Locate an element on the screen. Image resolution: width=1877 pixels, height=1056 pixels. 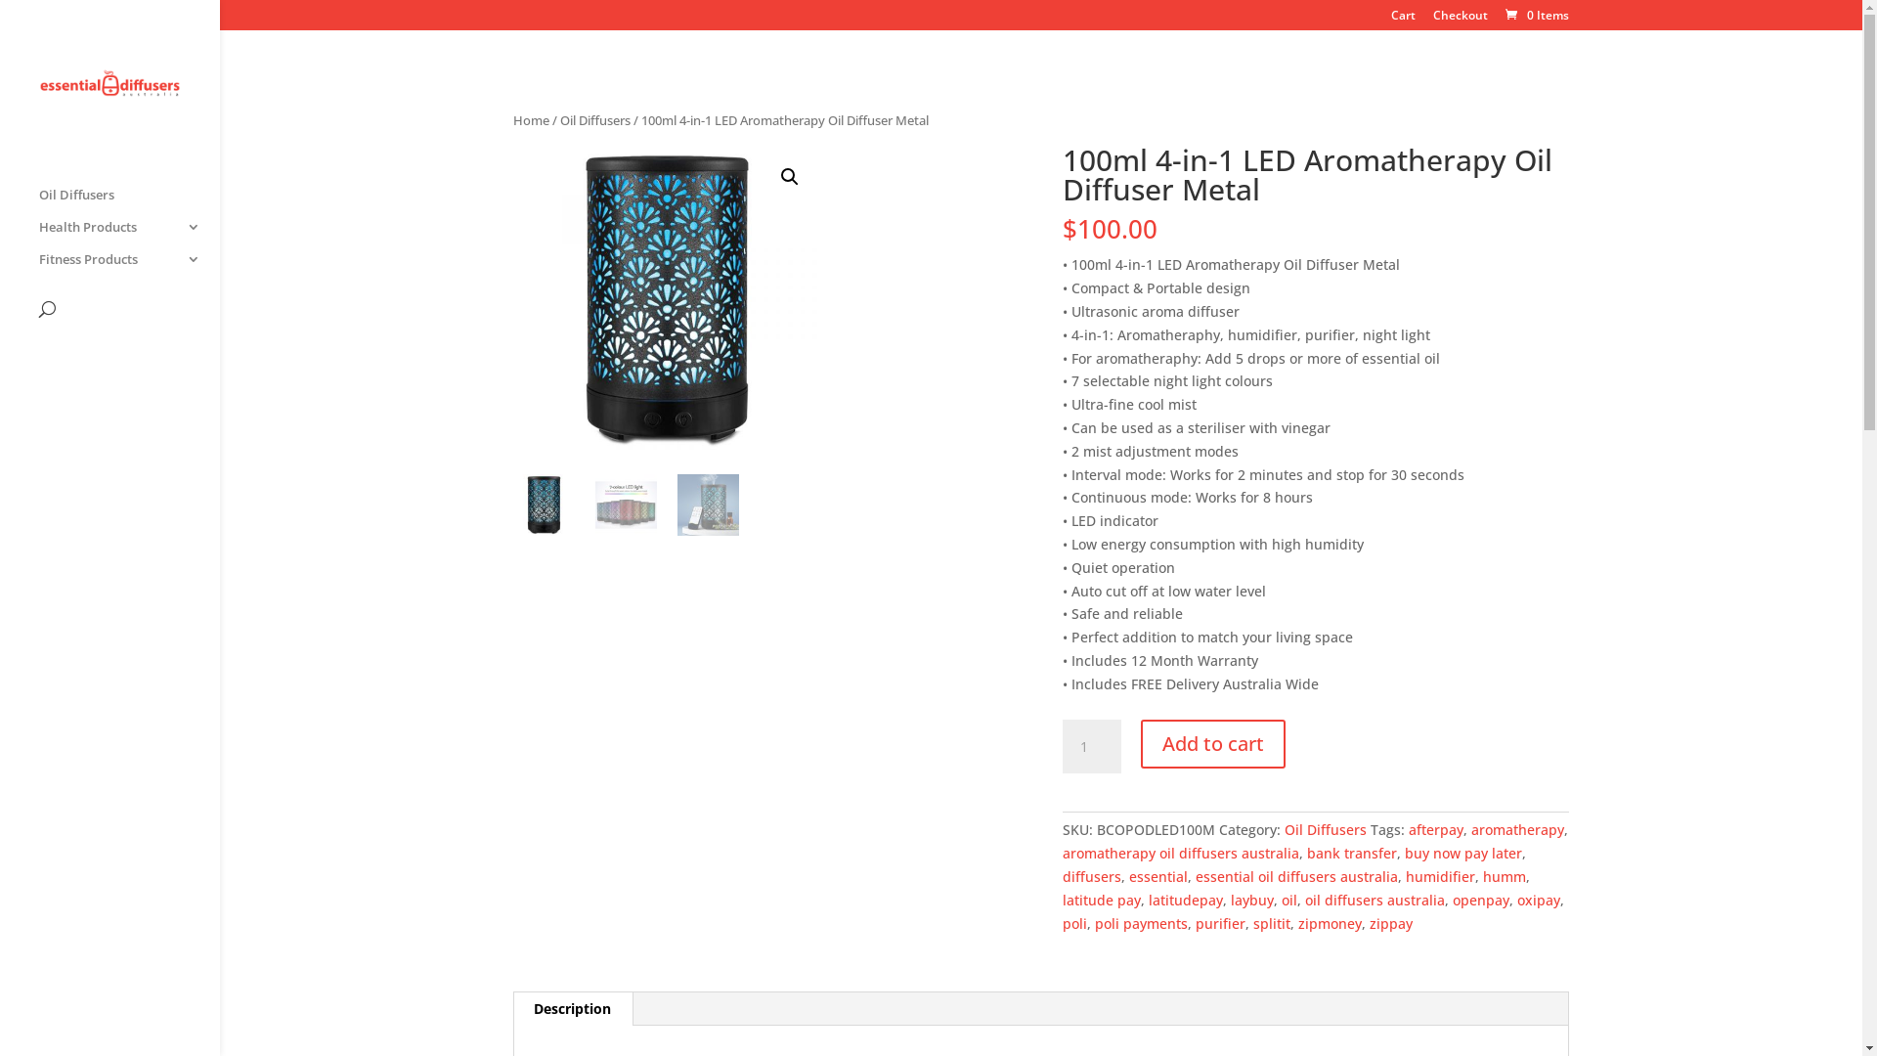
'poli' is located at coordinates (1073, 923).